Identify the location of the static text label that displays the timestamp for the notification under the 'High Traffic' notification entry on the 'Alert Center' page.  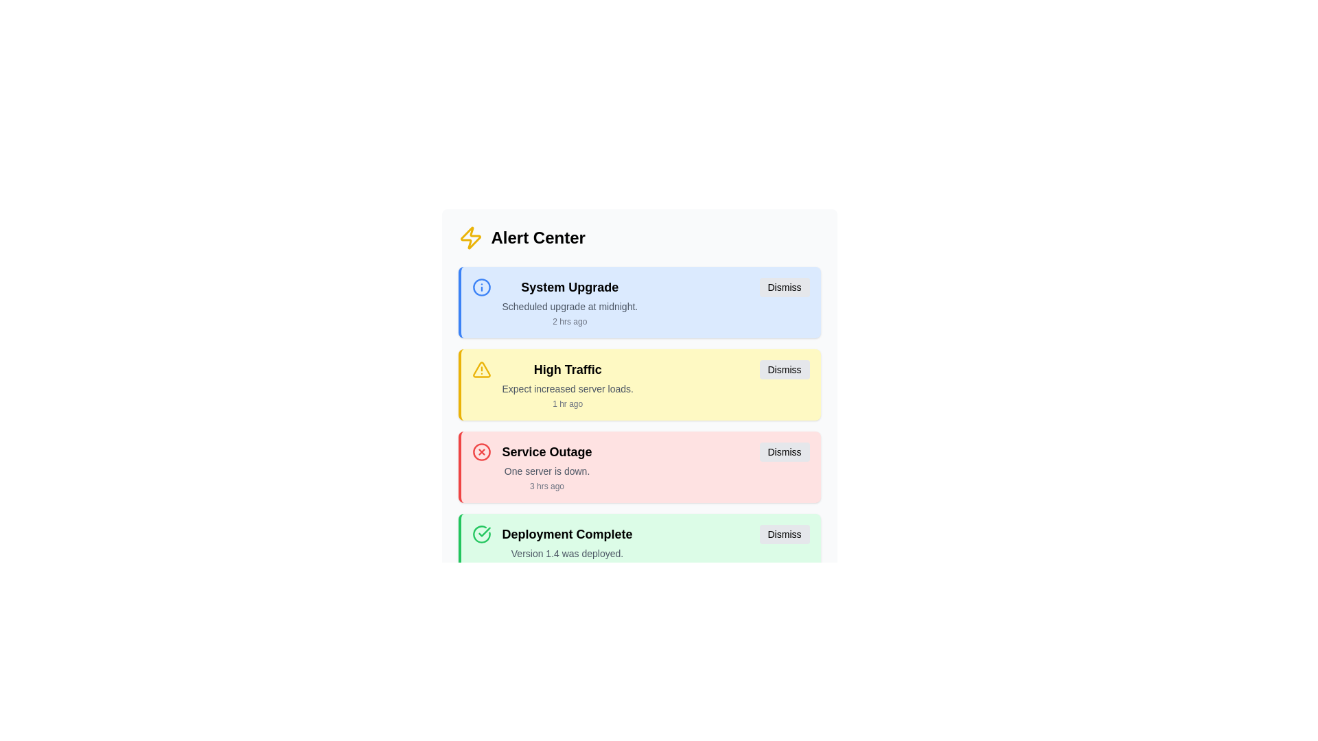
(568, 403).